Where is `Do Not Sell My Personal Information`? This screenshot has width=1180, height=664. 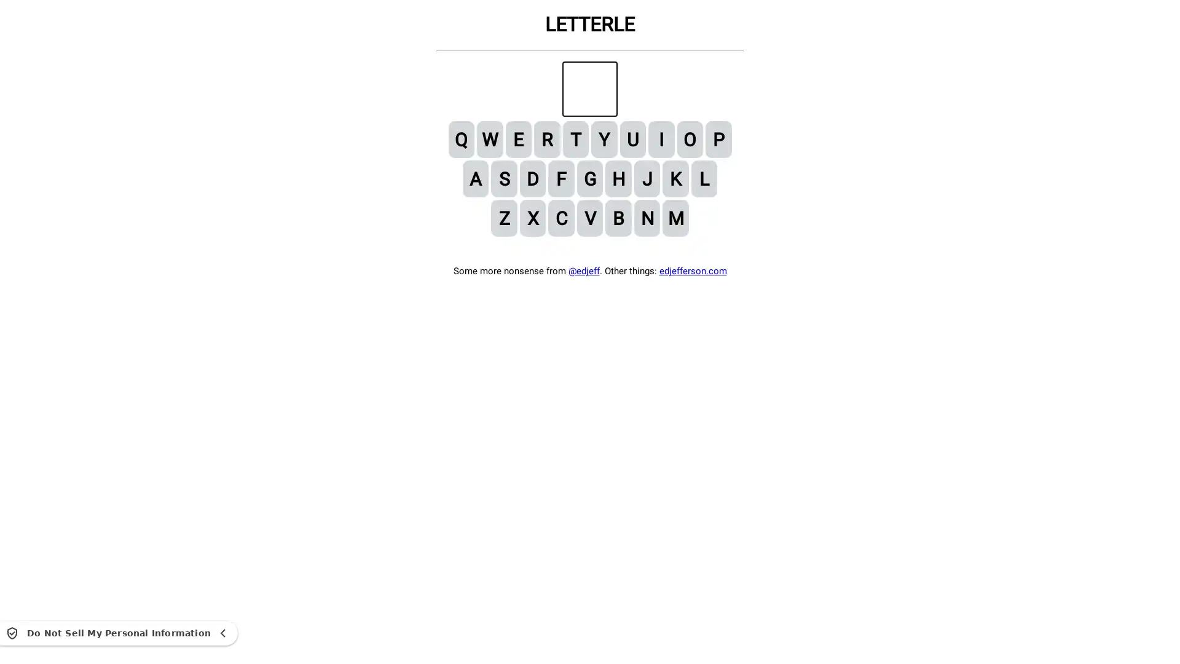
Do Not Sell My Personal Information is located at coordinates (119, 633).